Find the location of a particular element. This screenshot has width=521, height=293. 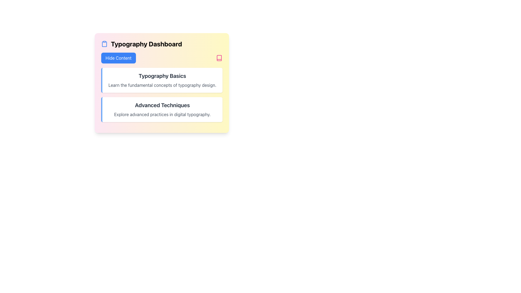

the Content Section Group that presents educational content categorized under 'Typography Basics' and 'Advanced Techniques', located centrally within the 'Typography Dashboard' below the 'Hide Content' button is located at coordinates (161, 95).